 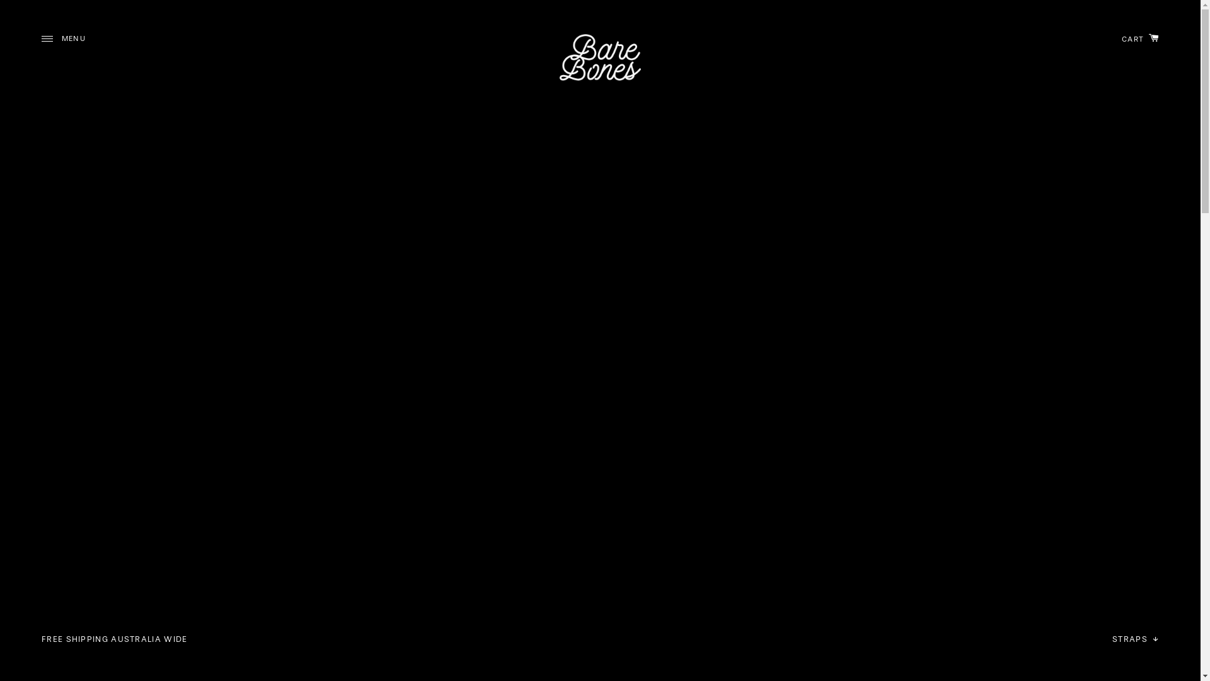 What do you see at coordinates (1135, 639) in the screenshot?
I see `'STRAPS'` at bounding box center [1135, 639].